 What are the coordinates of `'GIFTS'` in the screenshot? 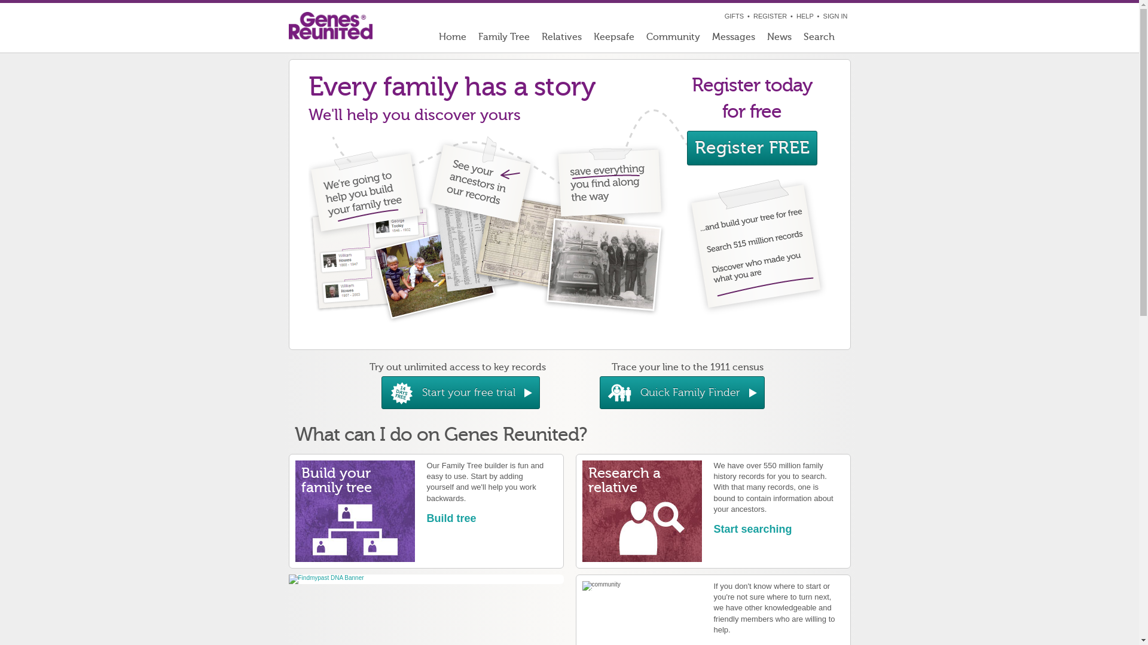 It's located at (734, 16).